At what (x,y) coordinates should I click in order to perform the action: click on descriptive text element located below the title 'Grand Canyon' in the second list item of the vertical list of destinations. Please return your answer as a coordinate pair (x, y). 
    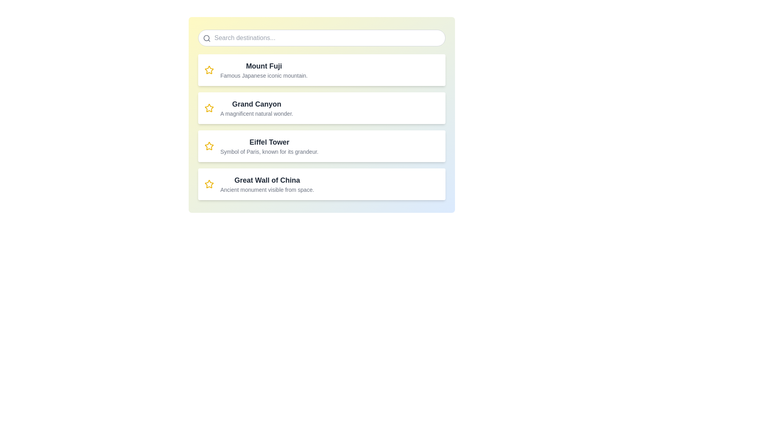
    Looking at the image, I should click on (256, 113).